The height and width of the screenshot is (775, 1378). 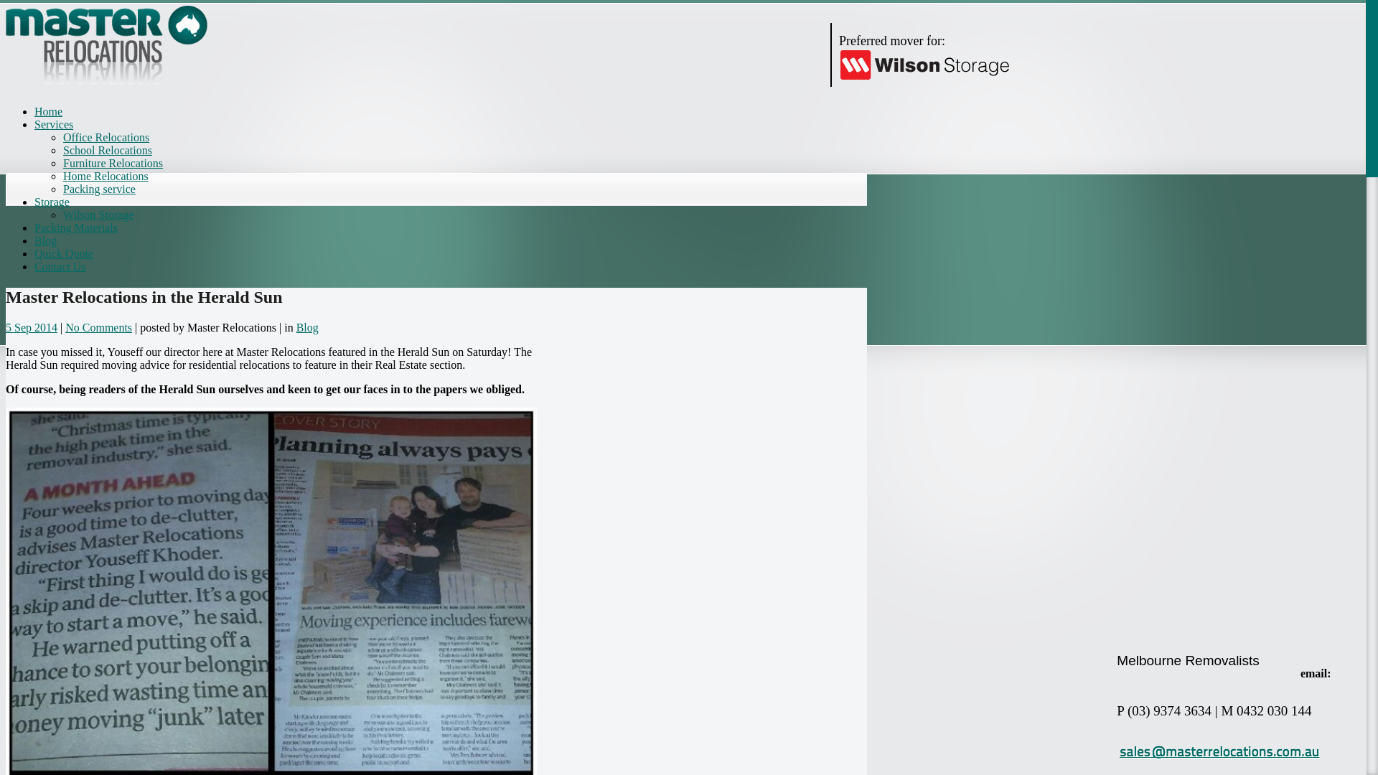 What do you see at coordinates (59, 266) in the screenshot?
I see `'Contact Us'` at bounding box center [59, 266].